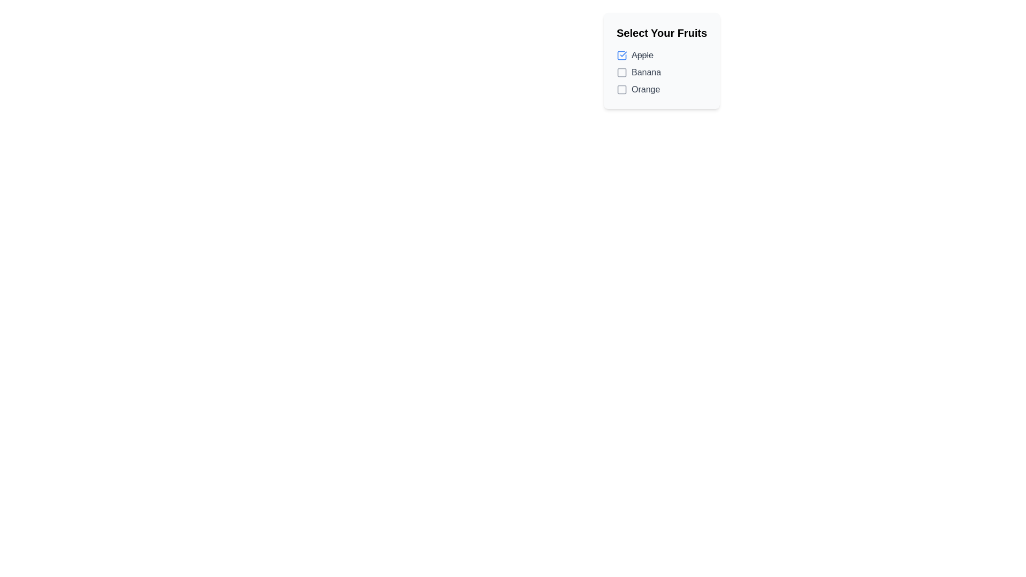  I want to click on the checkbox with a blue checkmark symbol next to 'Apple' under the 'Select Your Fruits' heading, so click(621, 56).